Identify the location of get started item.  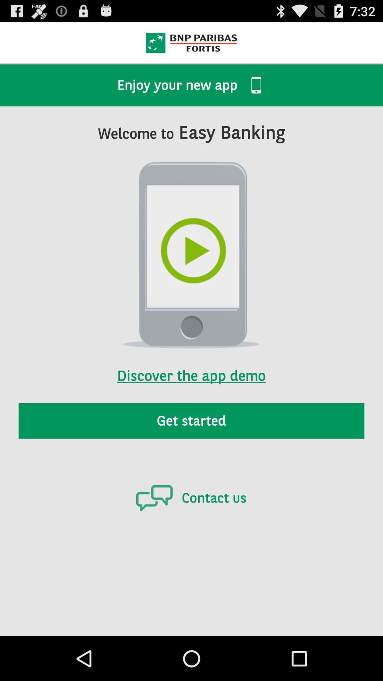
(191, 421).